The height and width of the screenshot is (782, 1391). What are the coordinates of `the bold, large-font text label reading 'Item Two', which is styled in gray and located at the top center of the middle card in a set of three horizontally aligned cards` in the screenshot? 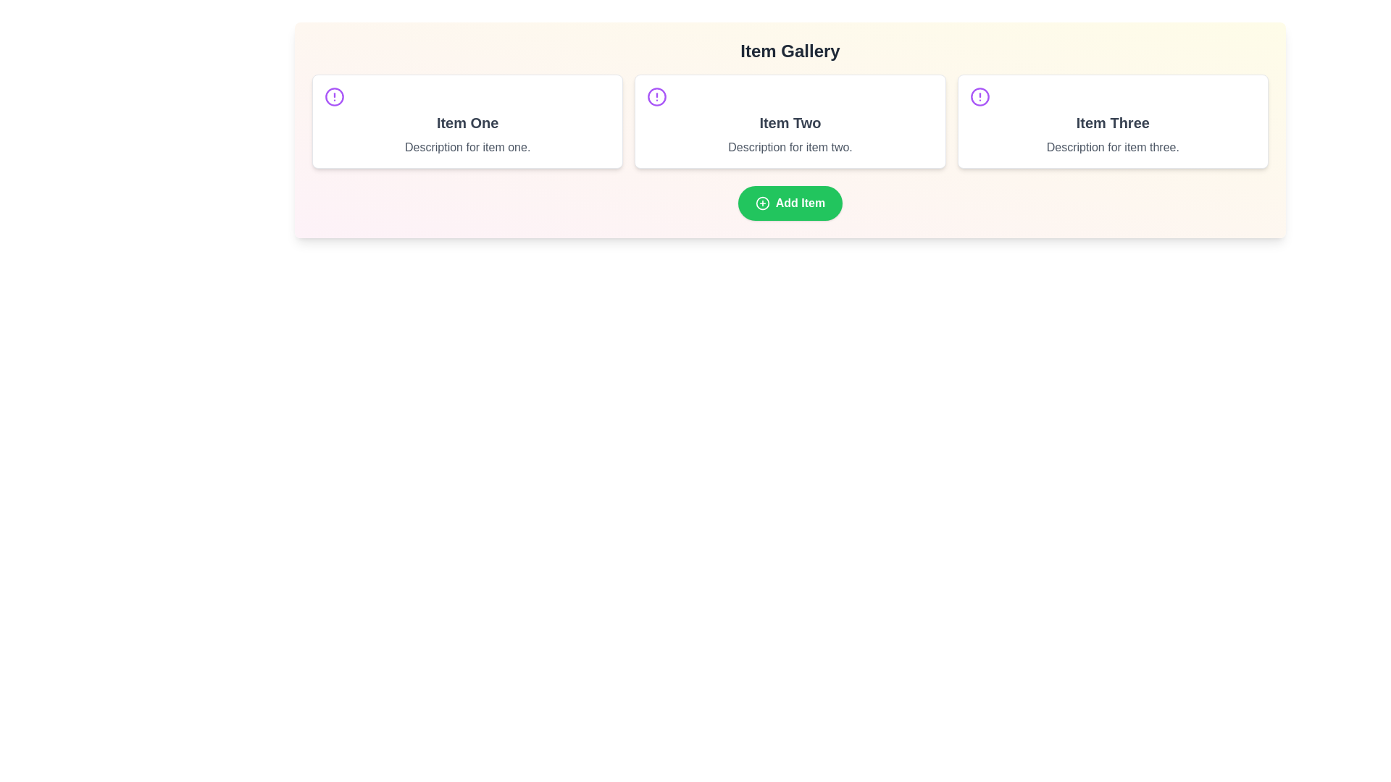 It's located at (789, 122).